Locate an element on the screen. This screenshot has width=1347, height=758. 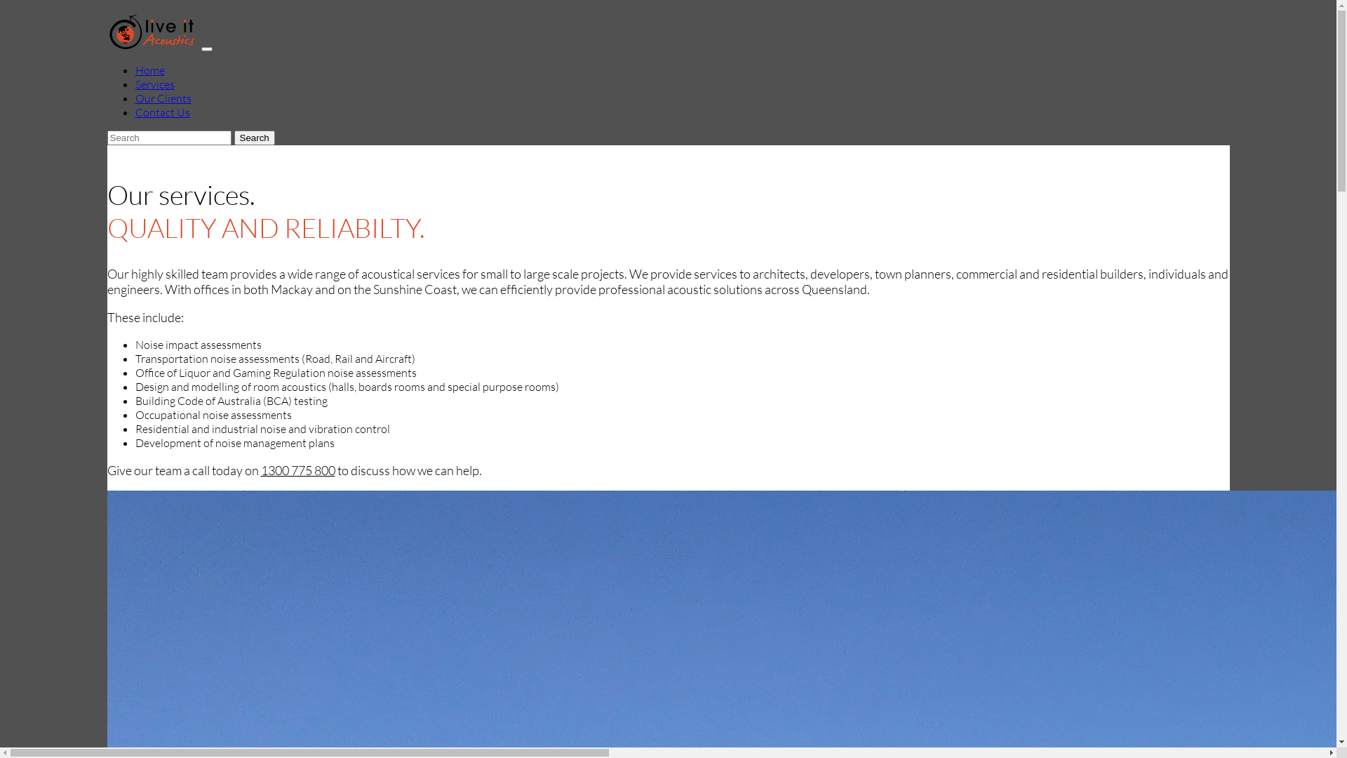
'Search' is located at coordinates (255, 138).